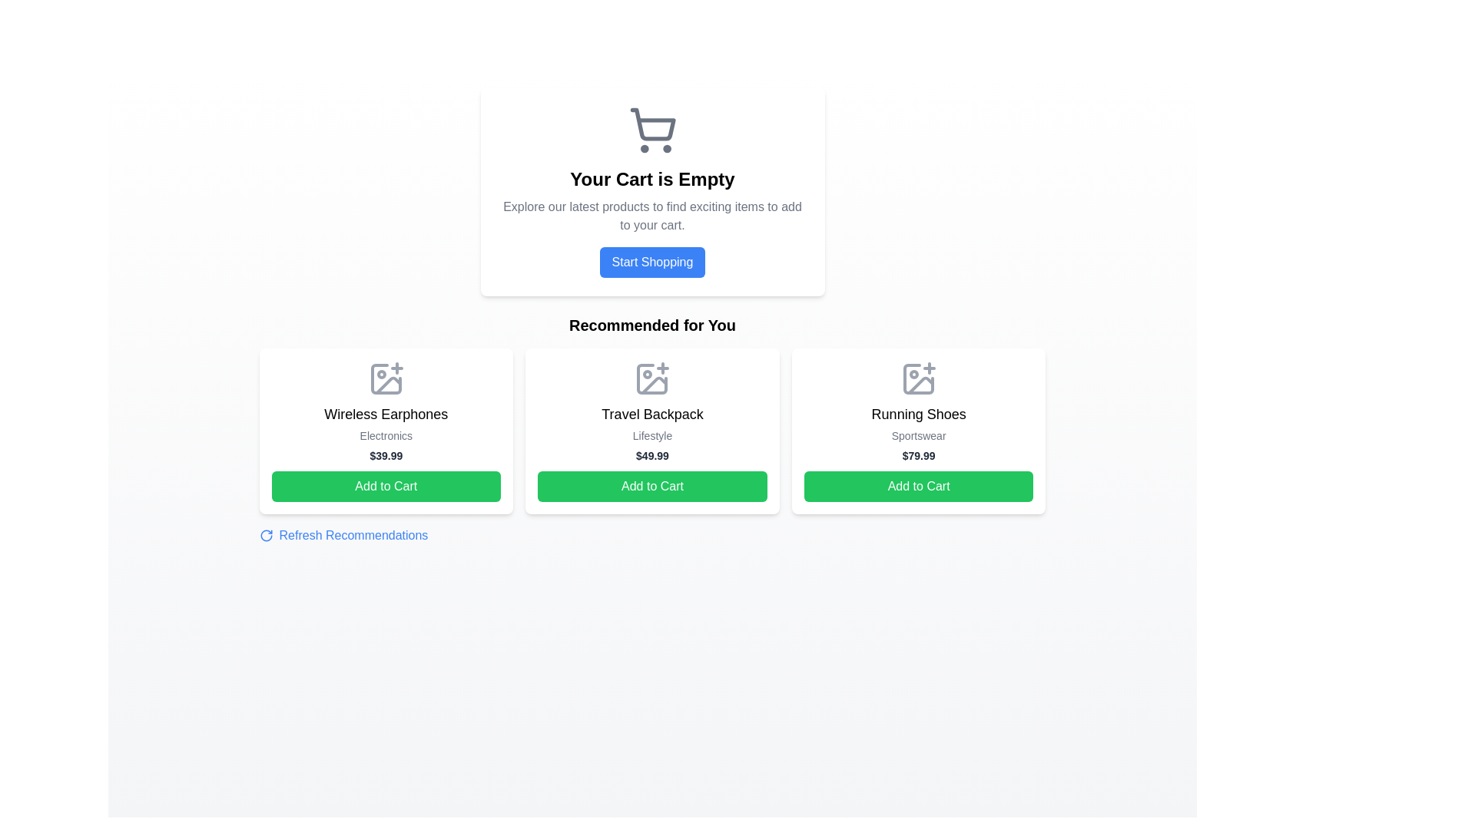  What do you see at coordinates (652, 124) in the screenshot?
I see `the shopping cart icon located at the top center of the user interface within the 'Your Cart is Empty' section, which represents the main body of the cart in the SVG graphic` at bounding box center [652, 124].